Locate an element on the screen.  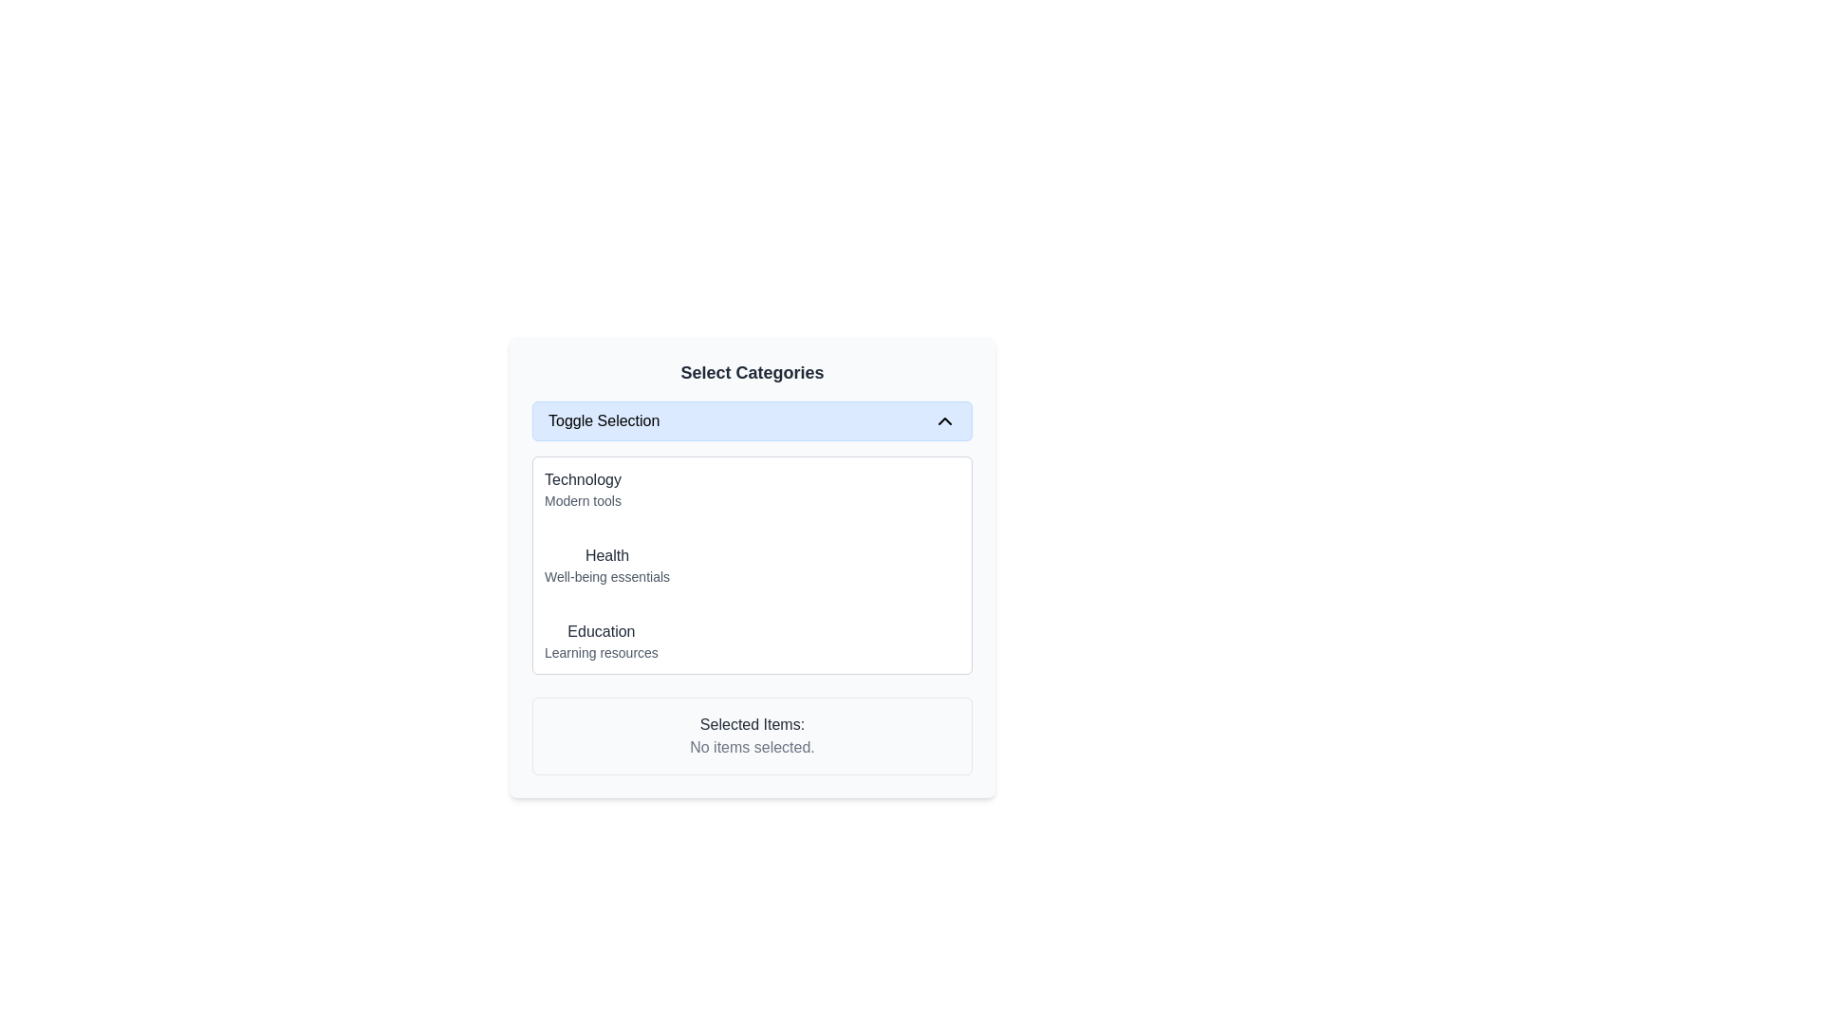
the 'Technology' button in the 'Select Categories' list is located at coordinates (751, 489).